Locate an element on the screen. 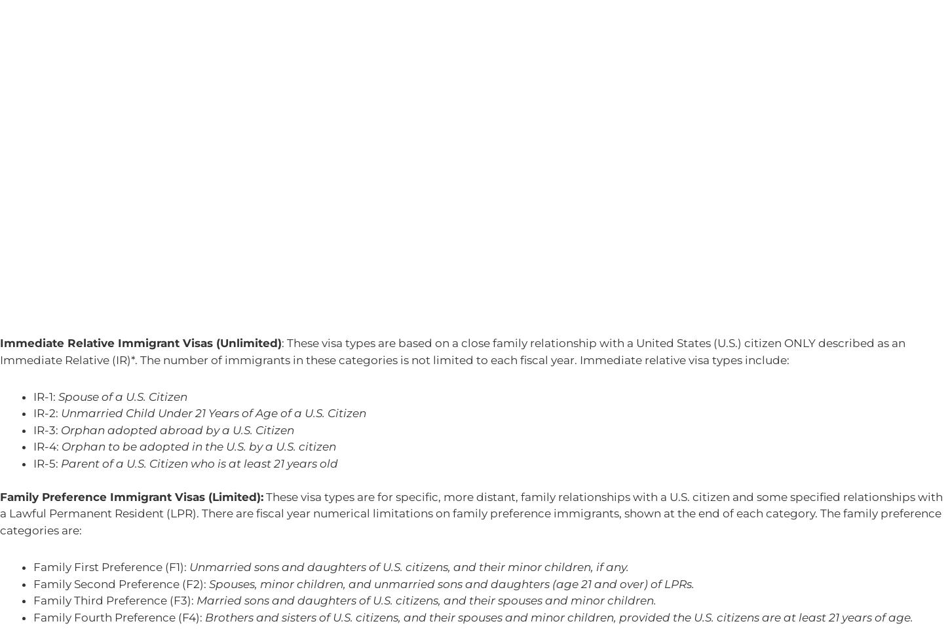 The height and width of the screenshot is (630, 950). 'Immediate Relative Immigrant Visas (Unlimited)' is located at coordinates (0, 343).